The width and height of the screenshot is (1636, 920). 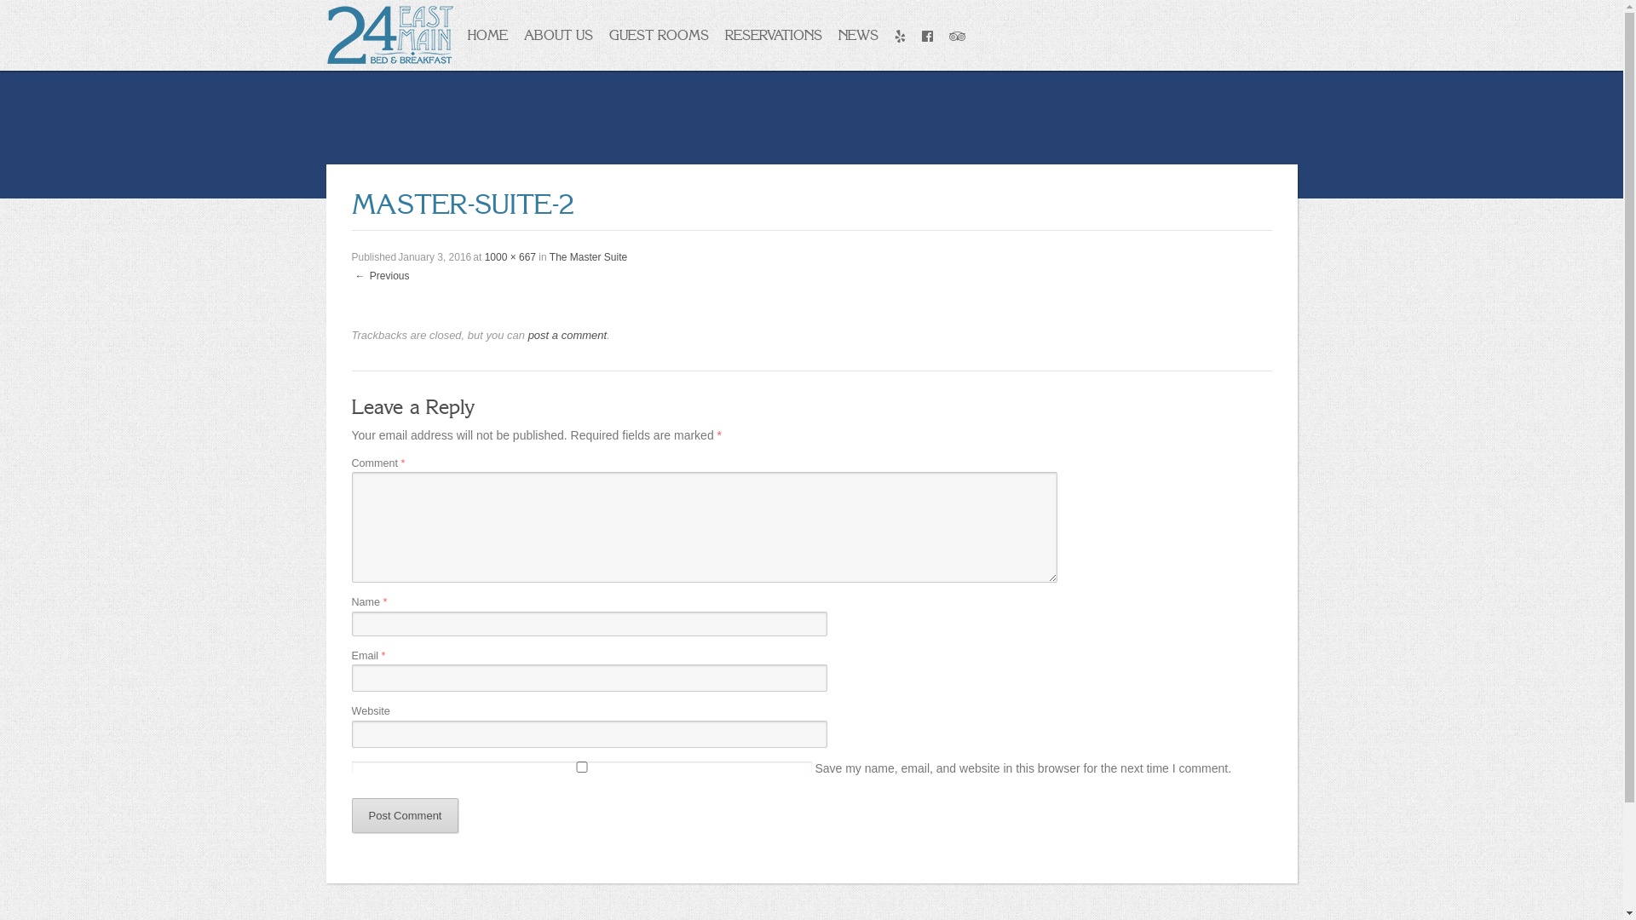 What do you see at coordinates (404, 814) in the screenshot?
I see `'Post Comment'` at bounding box center [404, 814].